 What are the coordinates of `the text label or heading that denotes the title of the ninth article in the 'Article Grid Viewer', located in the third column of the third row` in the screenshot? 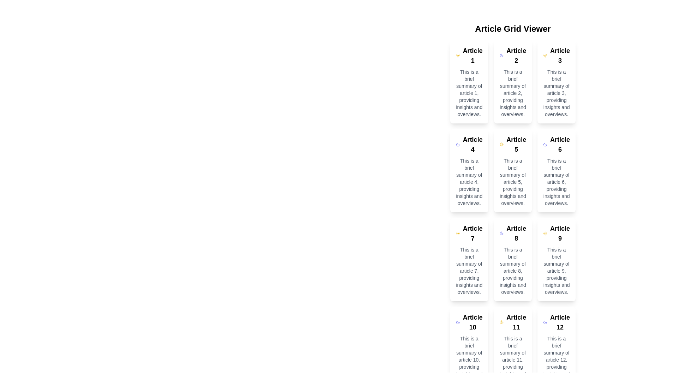 It's located at (559, 234).